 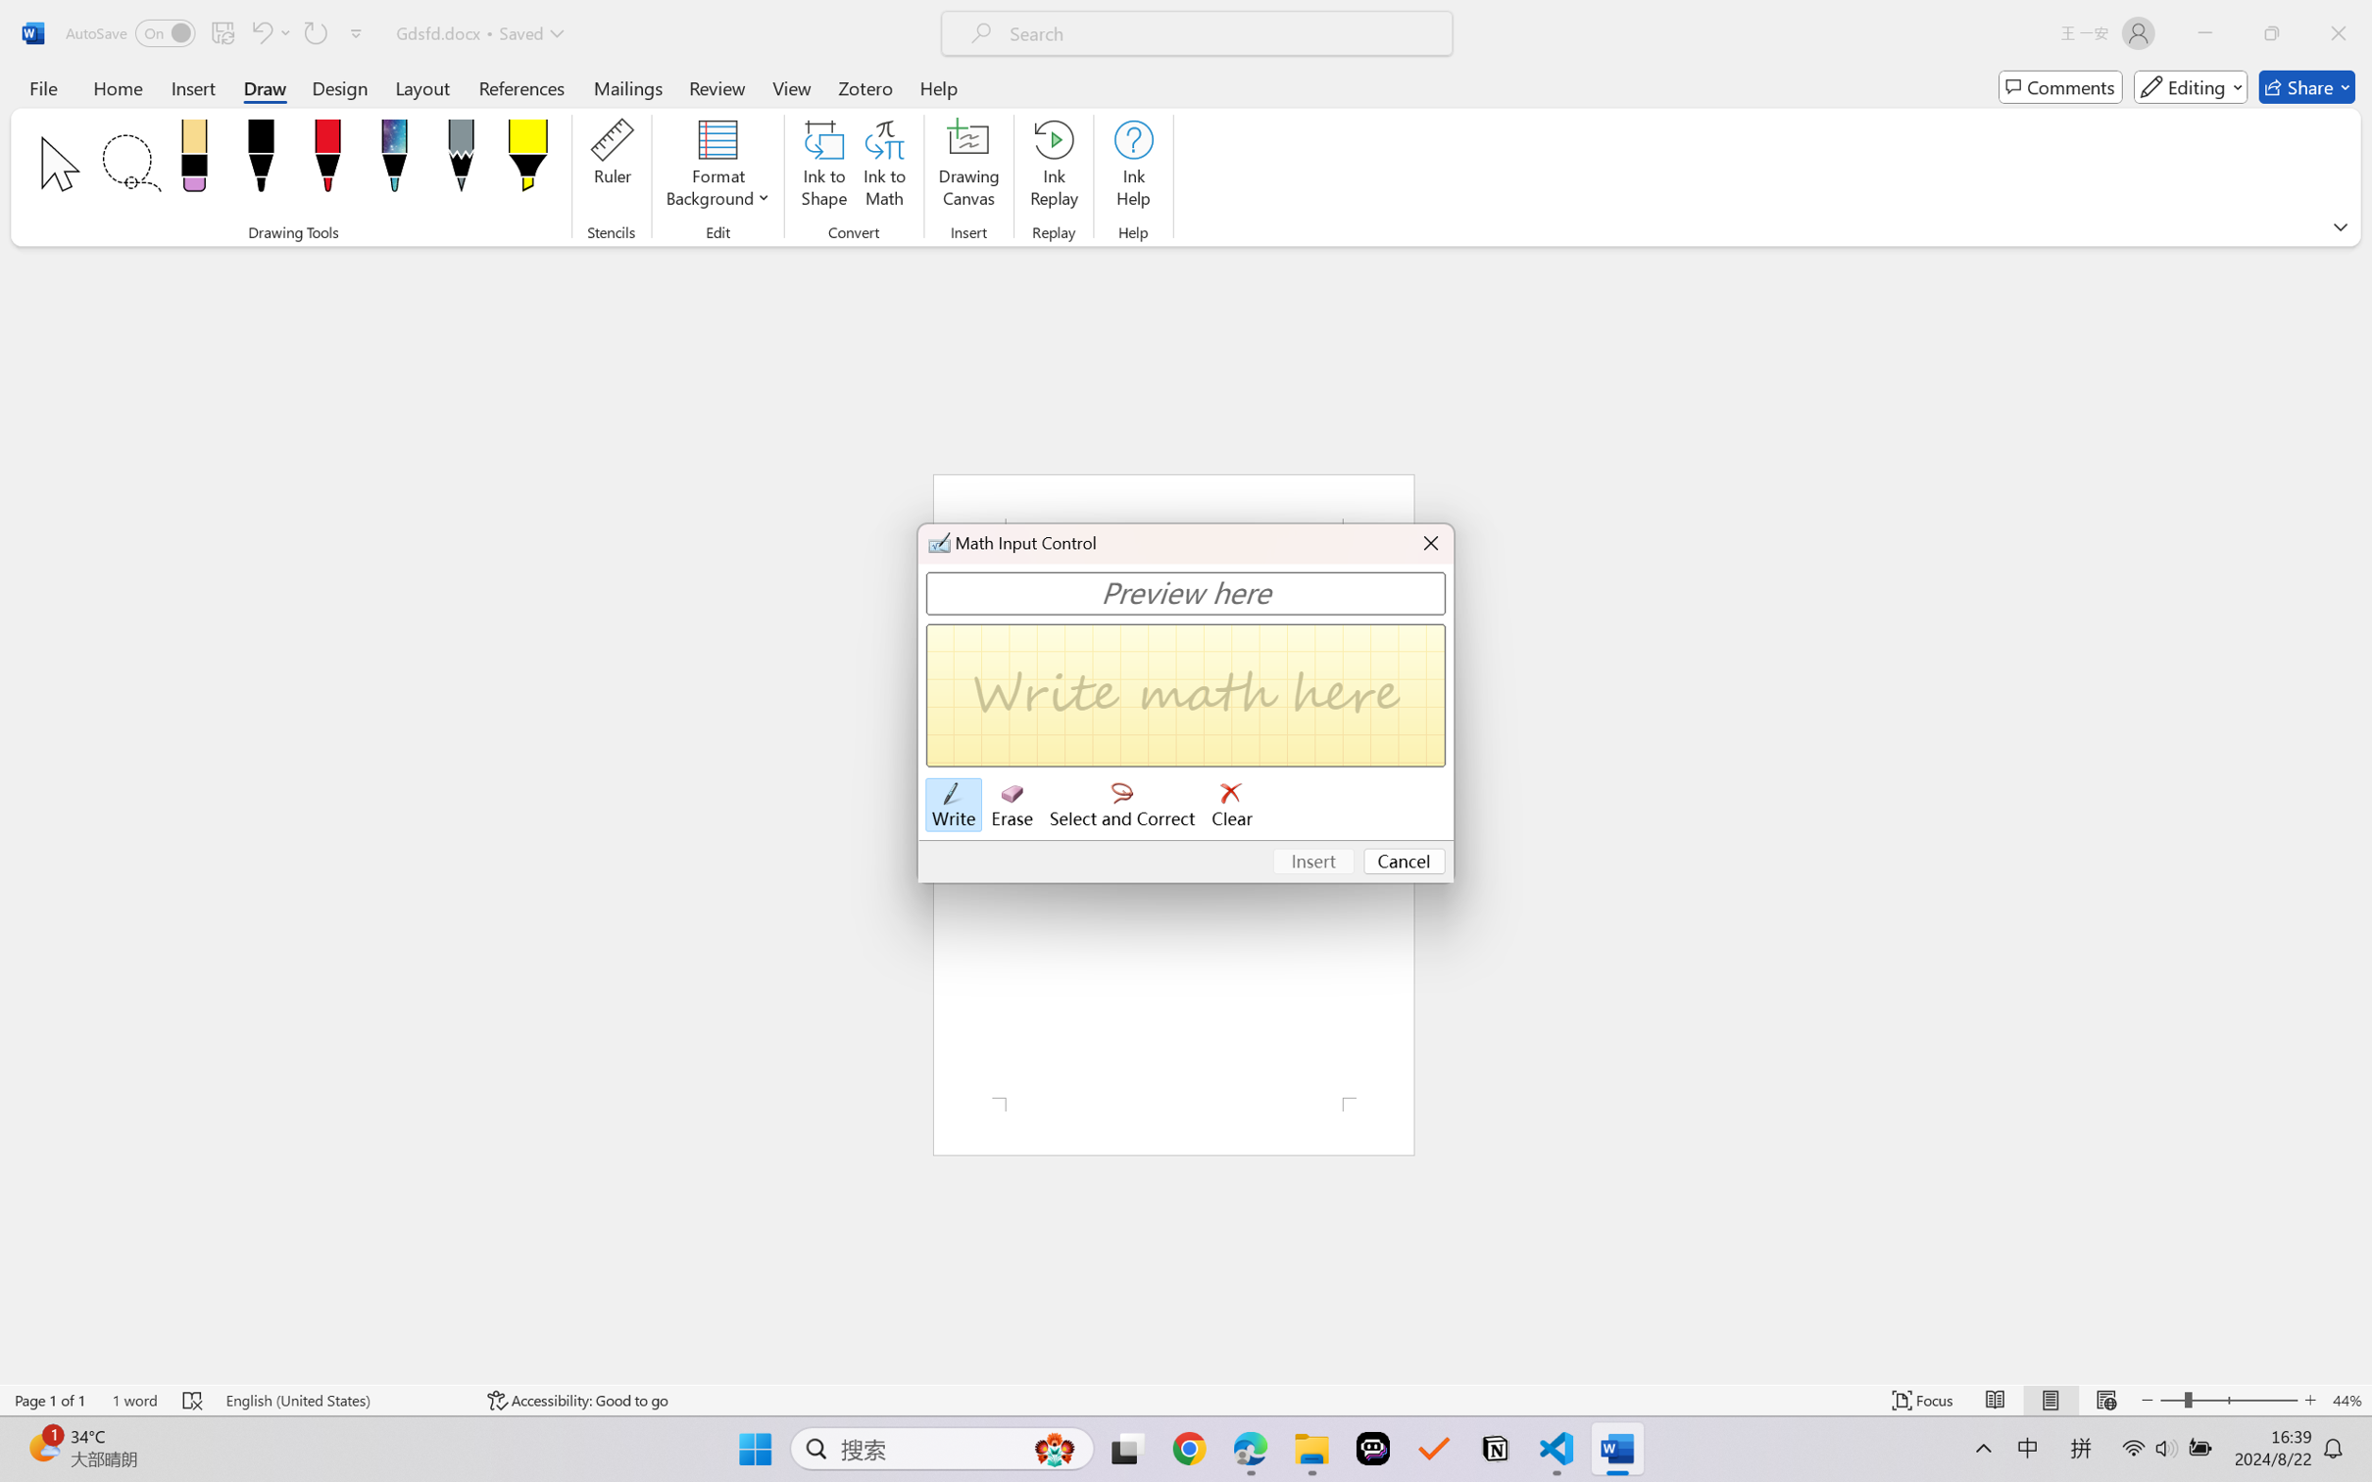 I want to click on 'Select and Correct', so click(x=1122, y=804).